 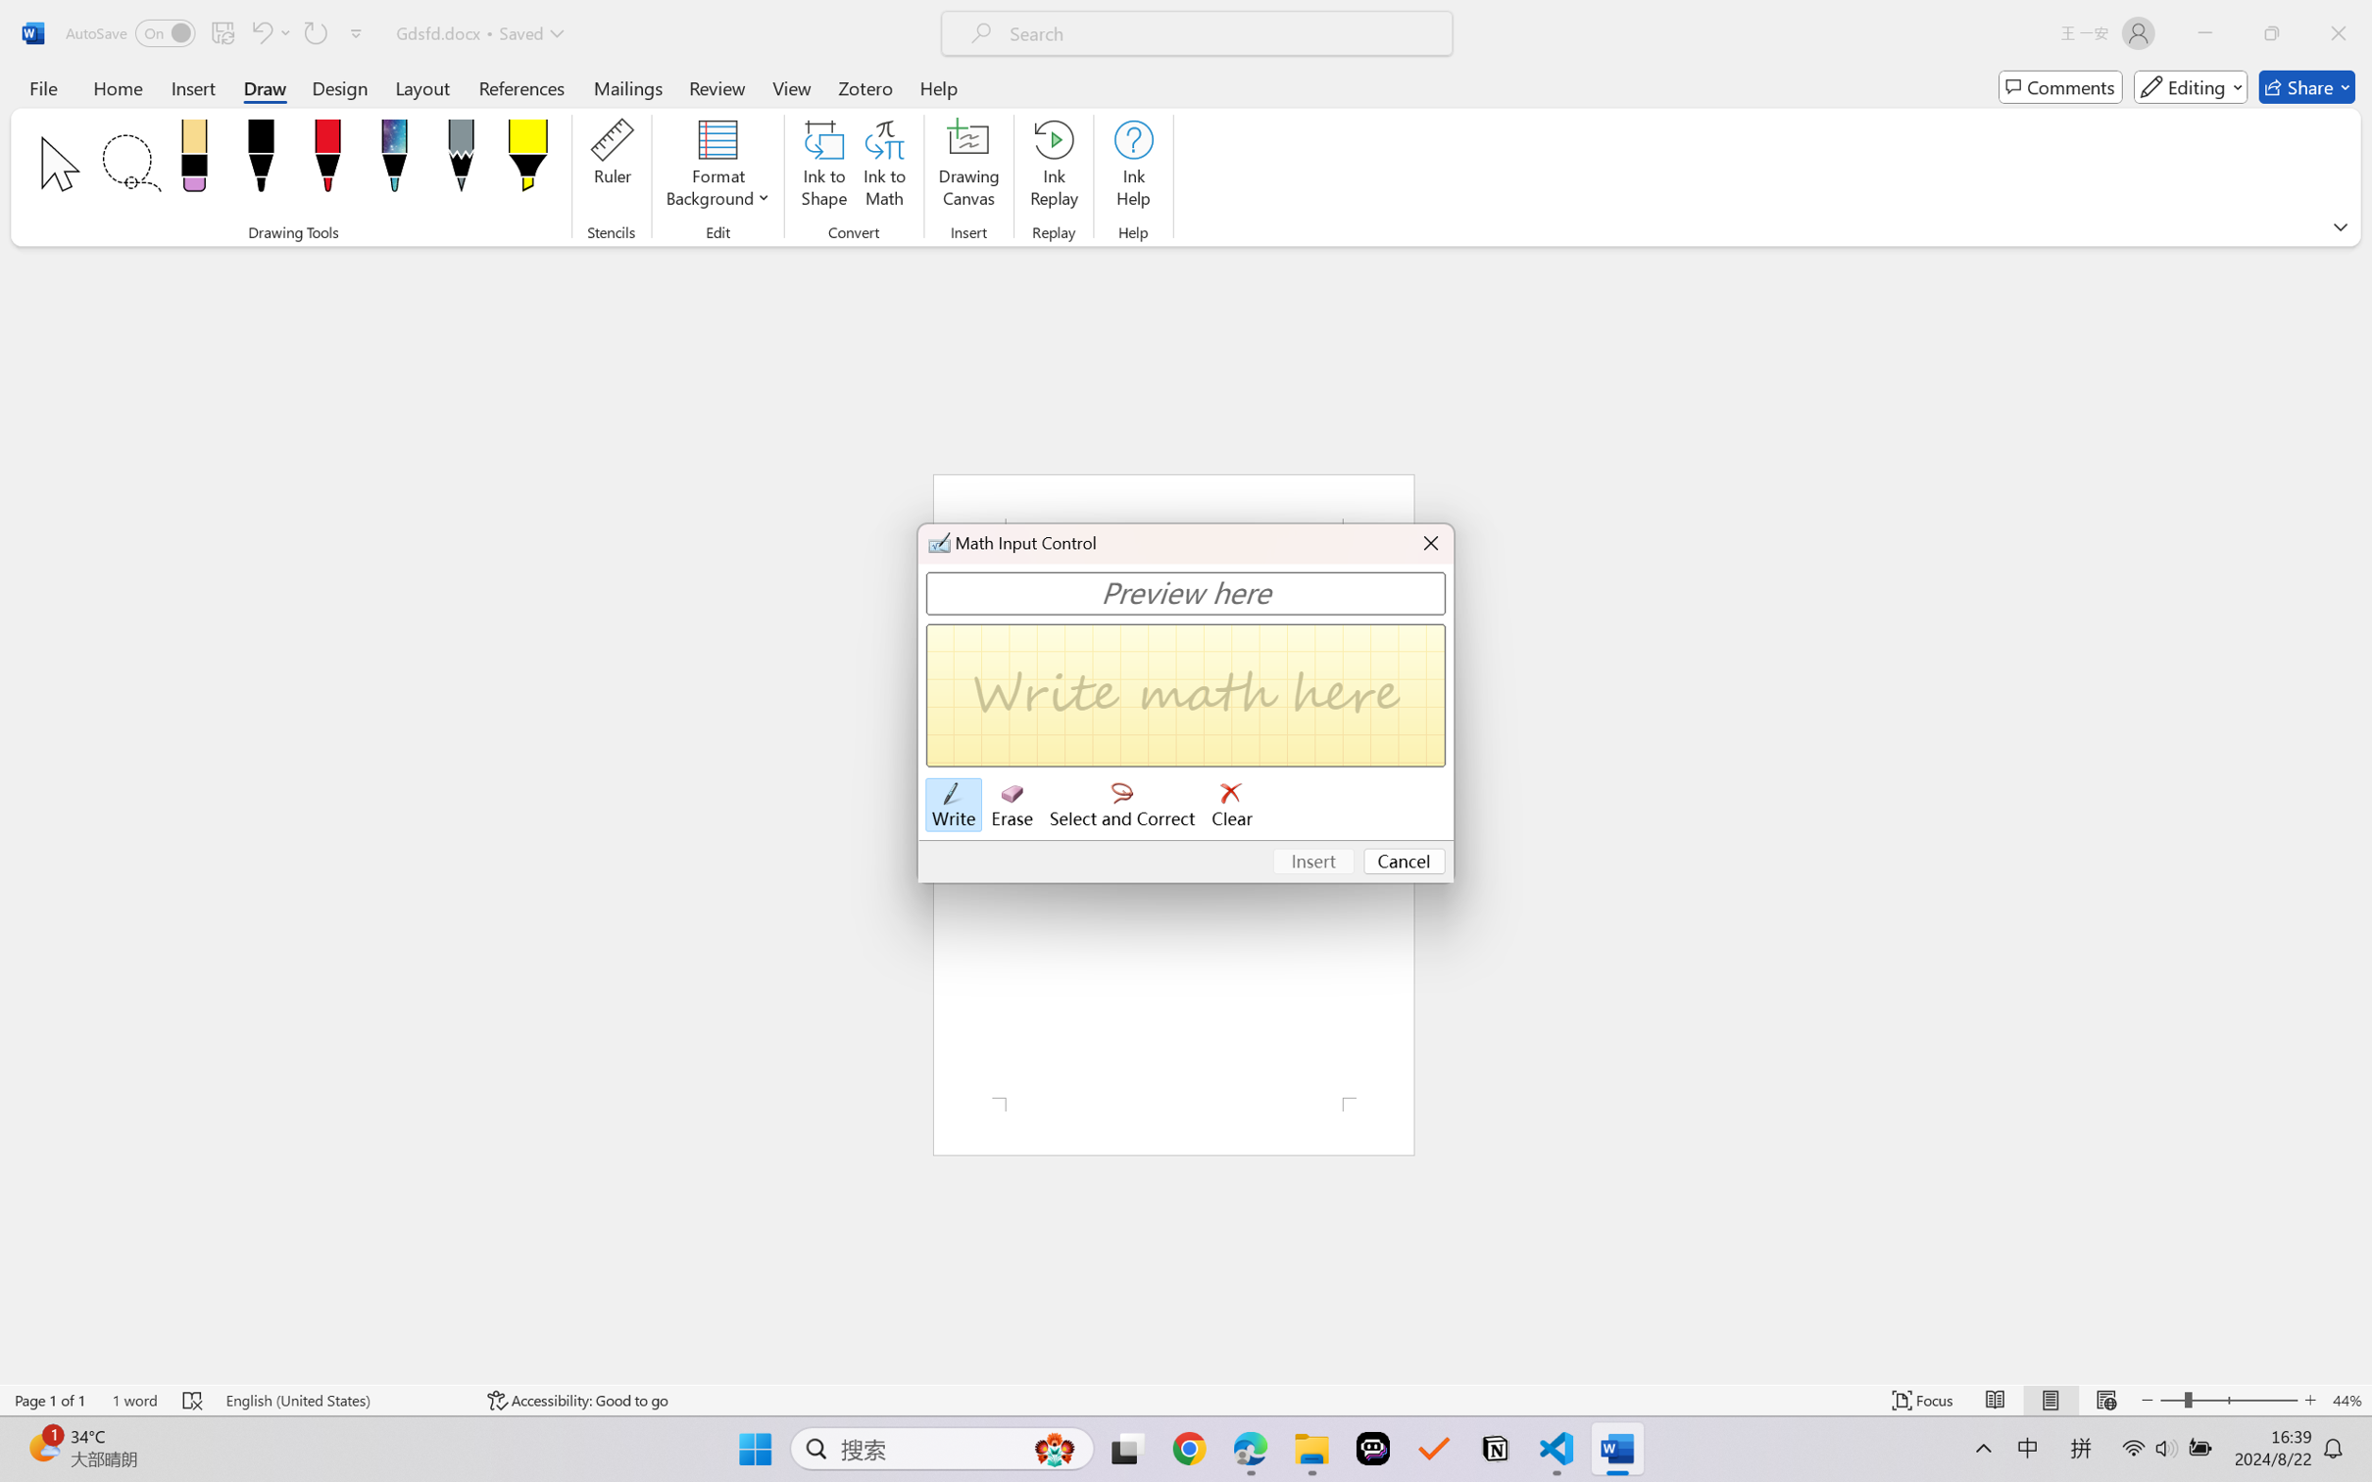 I want to click on 'Select and Correct', so click(x=1122, y=804).